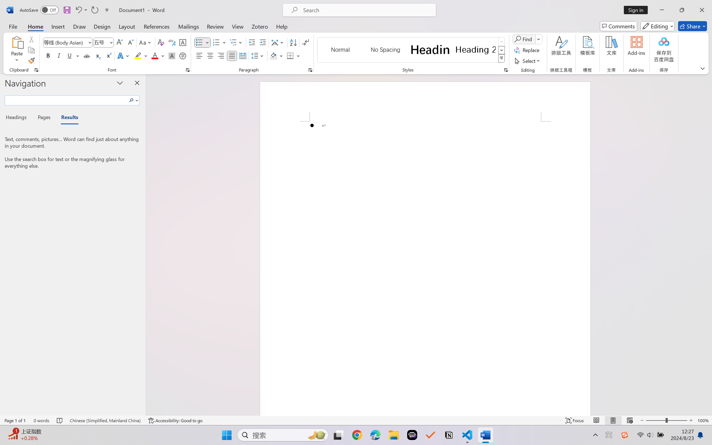  Describe the element at coordinates (18, 118) in the screenshot. I see `'Headings'` at that location.